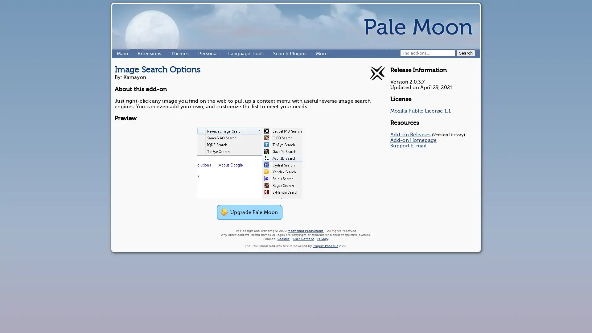 This screenshot has height=333, width=592. I want to click on Search, so click(466, 53).